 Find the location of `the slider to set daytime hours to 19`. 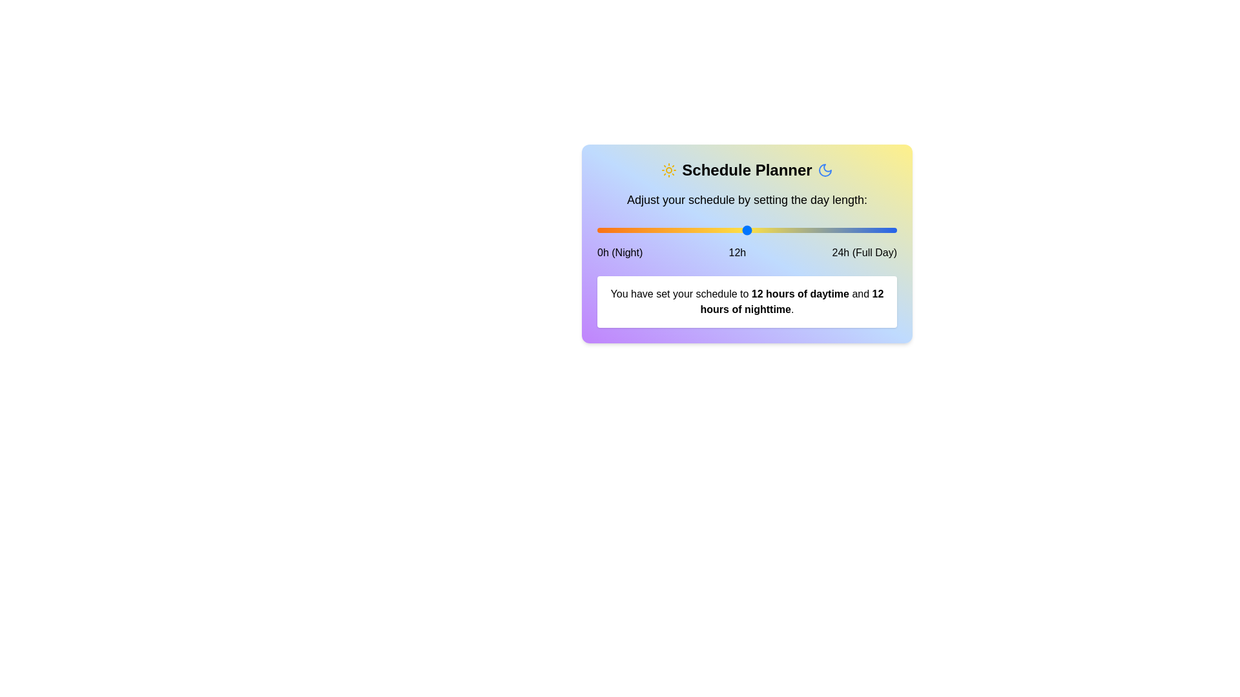

the slider to set daytime hours to 19 is located at coordinates (834, 230).